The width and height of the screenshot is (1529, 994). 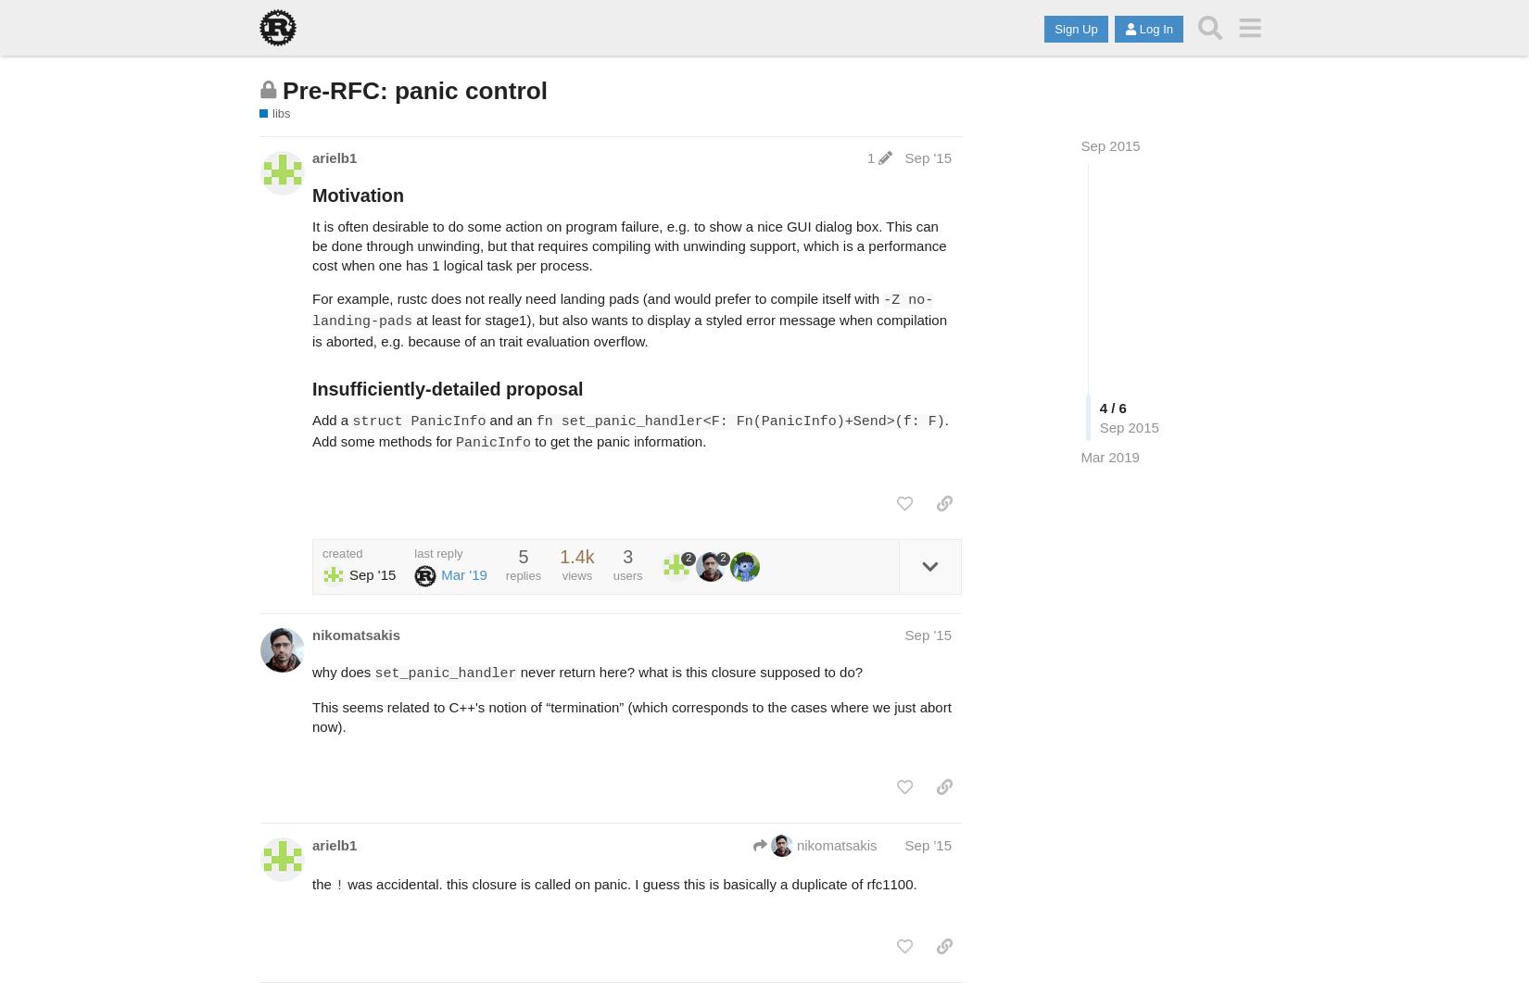 I want to click on '4 / 6', so click(x=1099, y=293).